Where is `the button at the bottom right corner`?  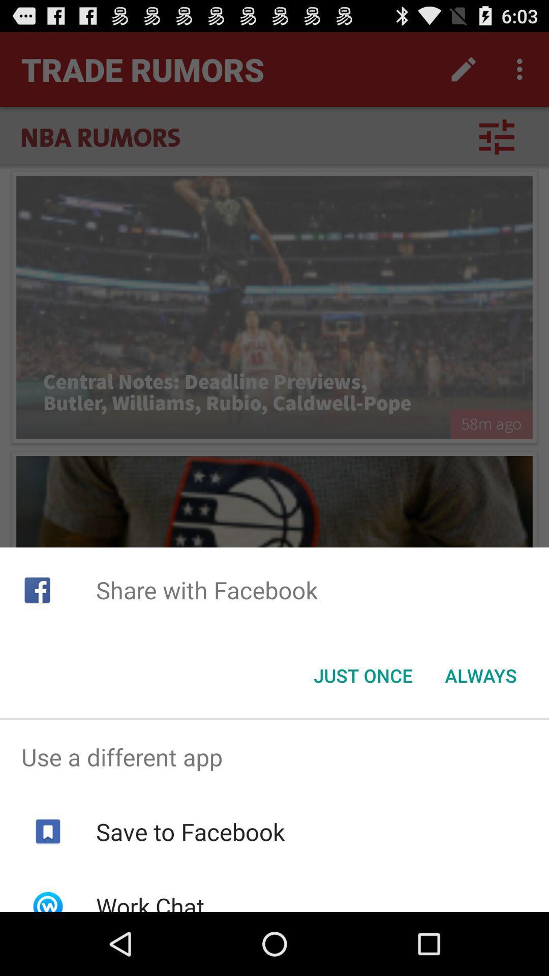
the button at the bottom right corner is located at coordinates (480, 676).